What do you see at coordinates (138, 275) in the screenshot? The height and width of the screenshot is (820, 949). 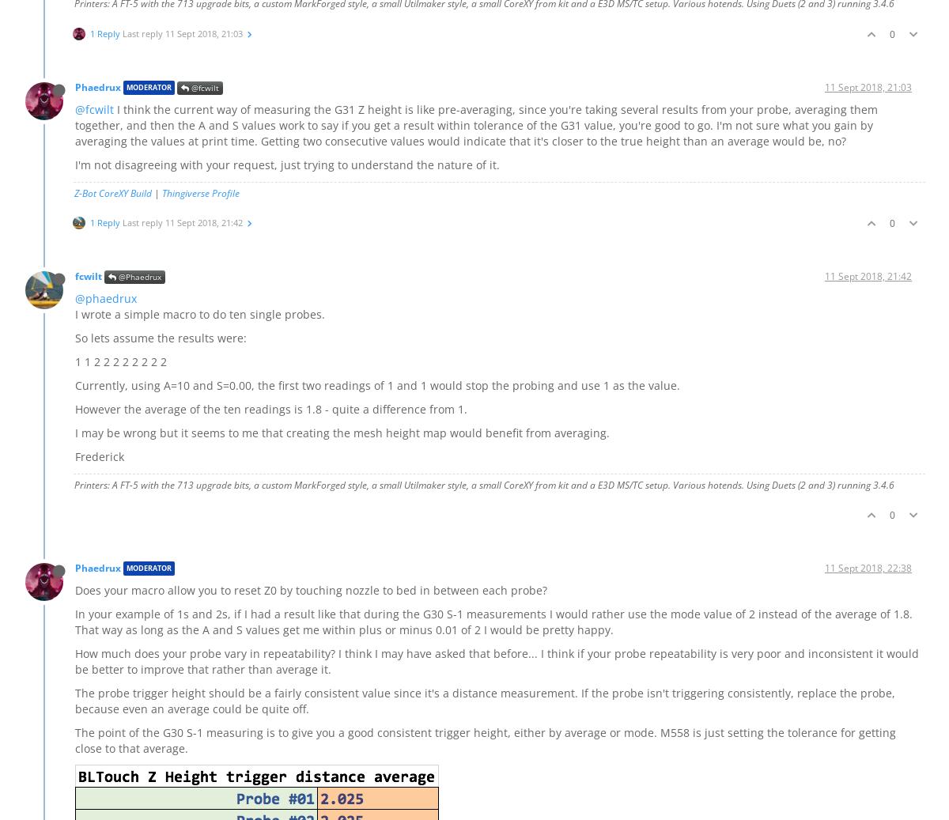 I see `'@Phaedrux'` at bounding box center [138, 275].